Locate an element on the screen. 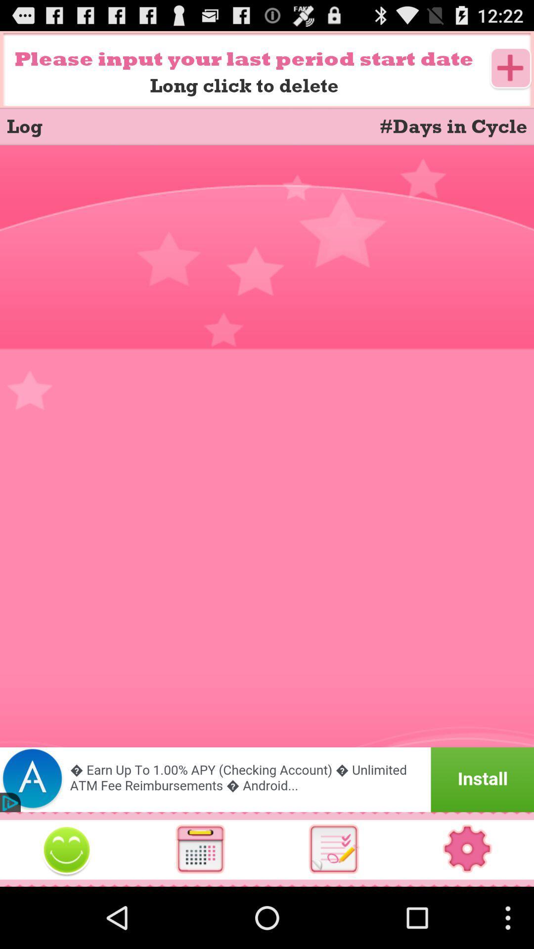  open emoticons display is located at coordinates (67, 849).